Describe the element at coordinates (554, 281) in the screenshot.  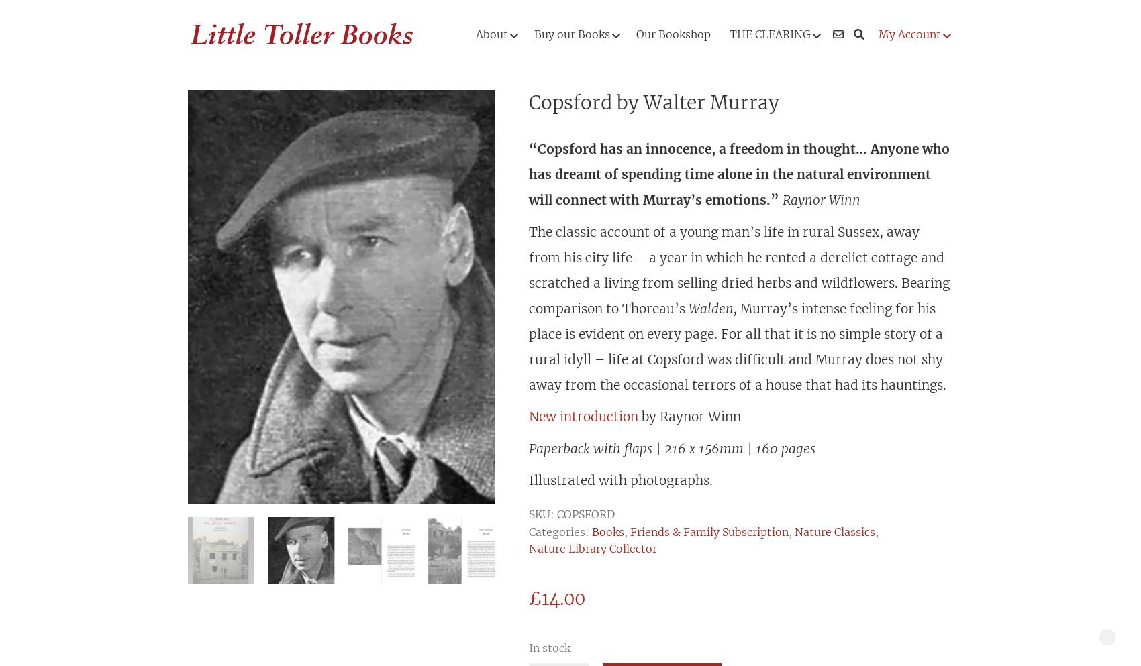
I see `'Subscriptions'` at that location.